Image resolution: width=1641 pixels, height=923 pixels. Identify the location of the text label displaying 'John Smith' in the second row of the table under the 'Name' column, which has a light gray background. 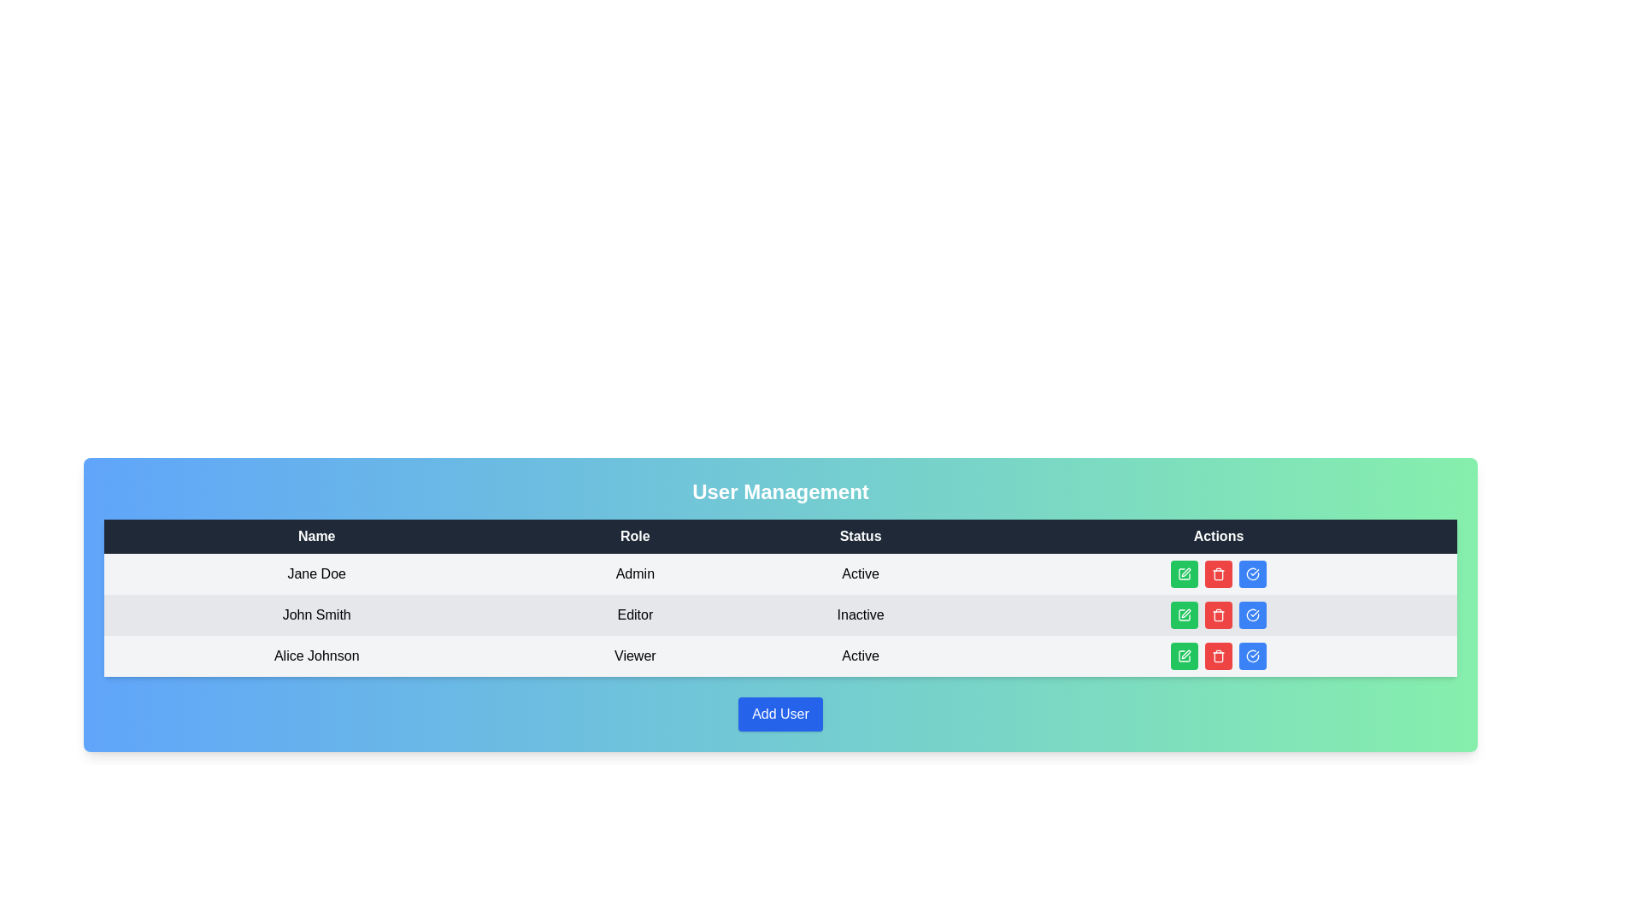
(316, 615).